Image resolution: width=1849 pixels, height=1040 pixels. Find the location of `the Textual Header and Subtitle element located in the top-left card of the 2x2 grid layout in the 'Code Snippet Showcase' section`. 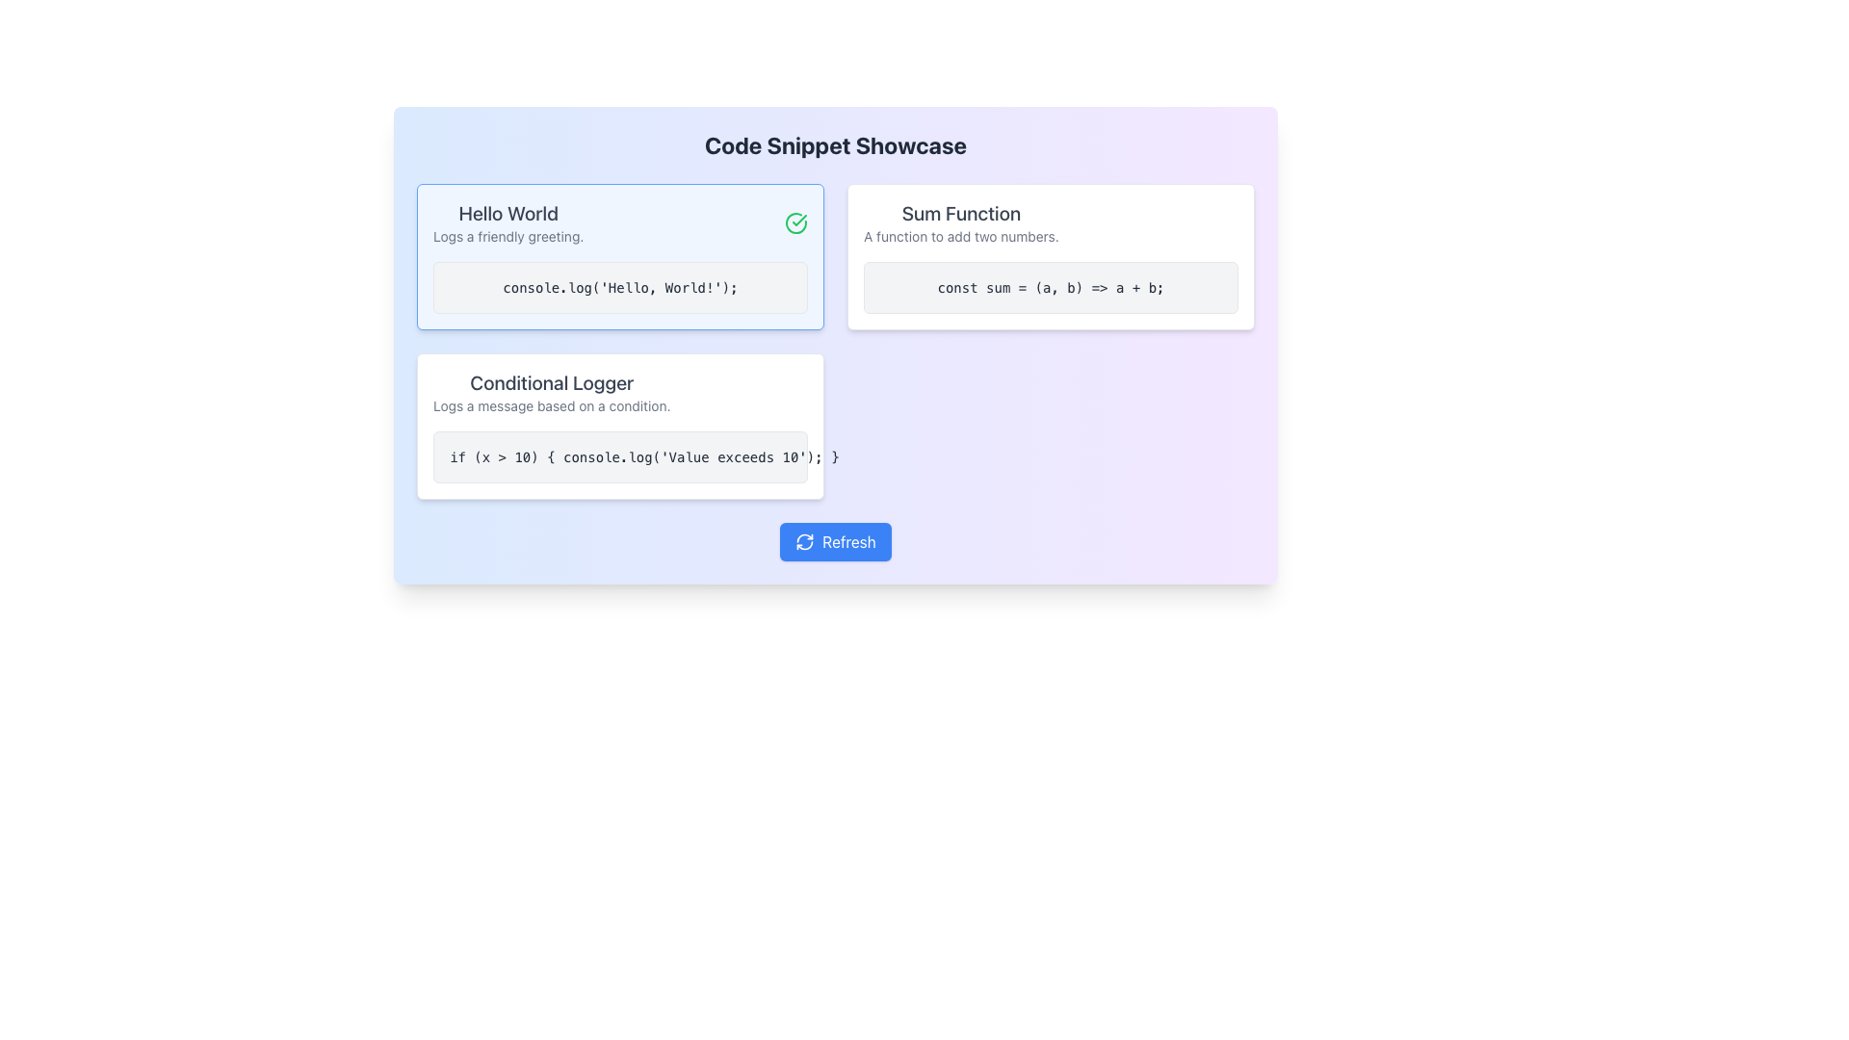

the Textual Header and Subtitle element located in the top-left card of the 2x2 grid layout in the 'Code Snippet Showcase' section is located at coordinates (508, 221).